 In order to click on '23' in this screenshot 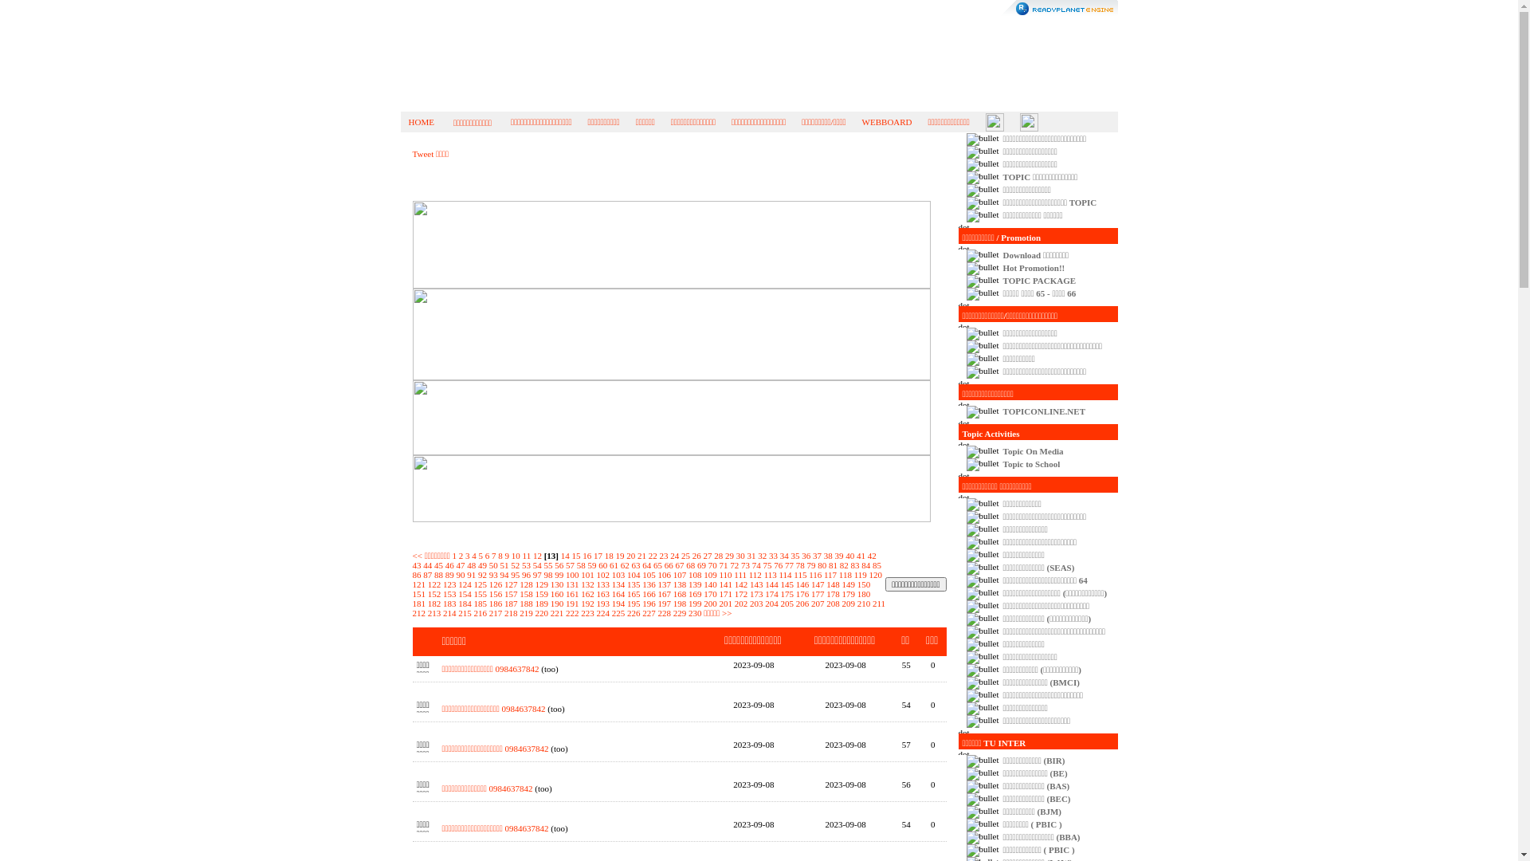, I will do `click(658, 555)`.